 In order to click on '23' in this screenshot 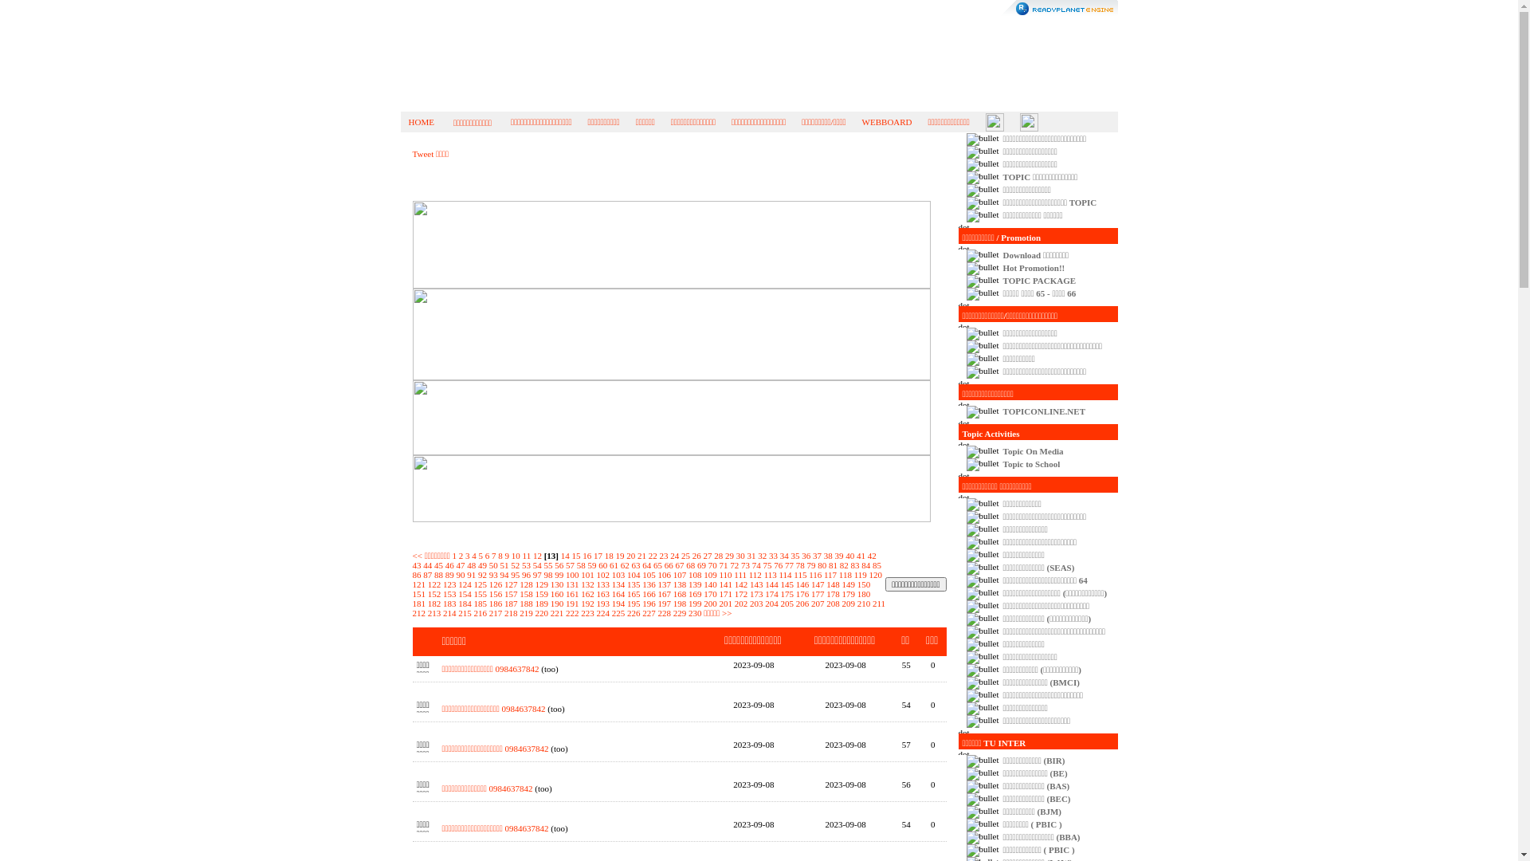, I will do `click(658, 555)`.